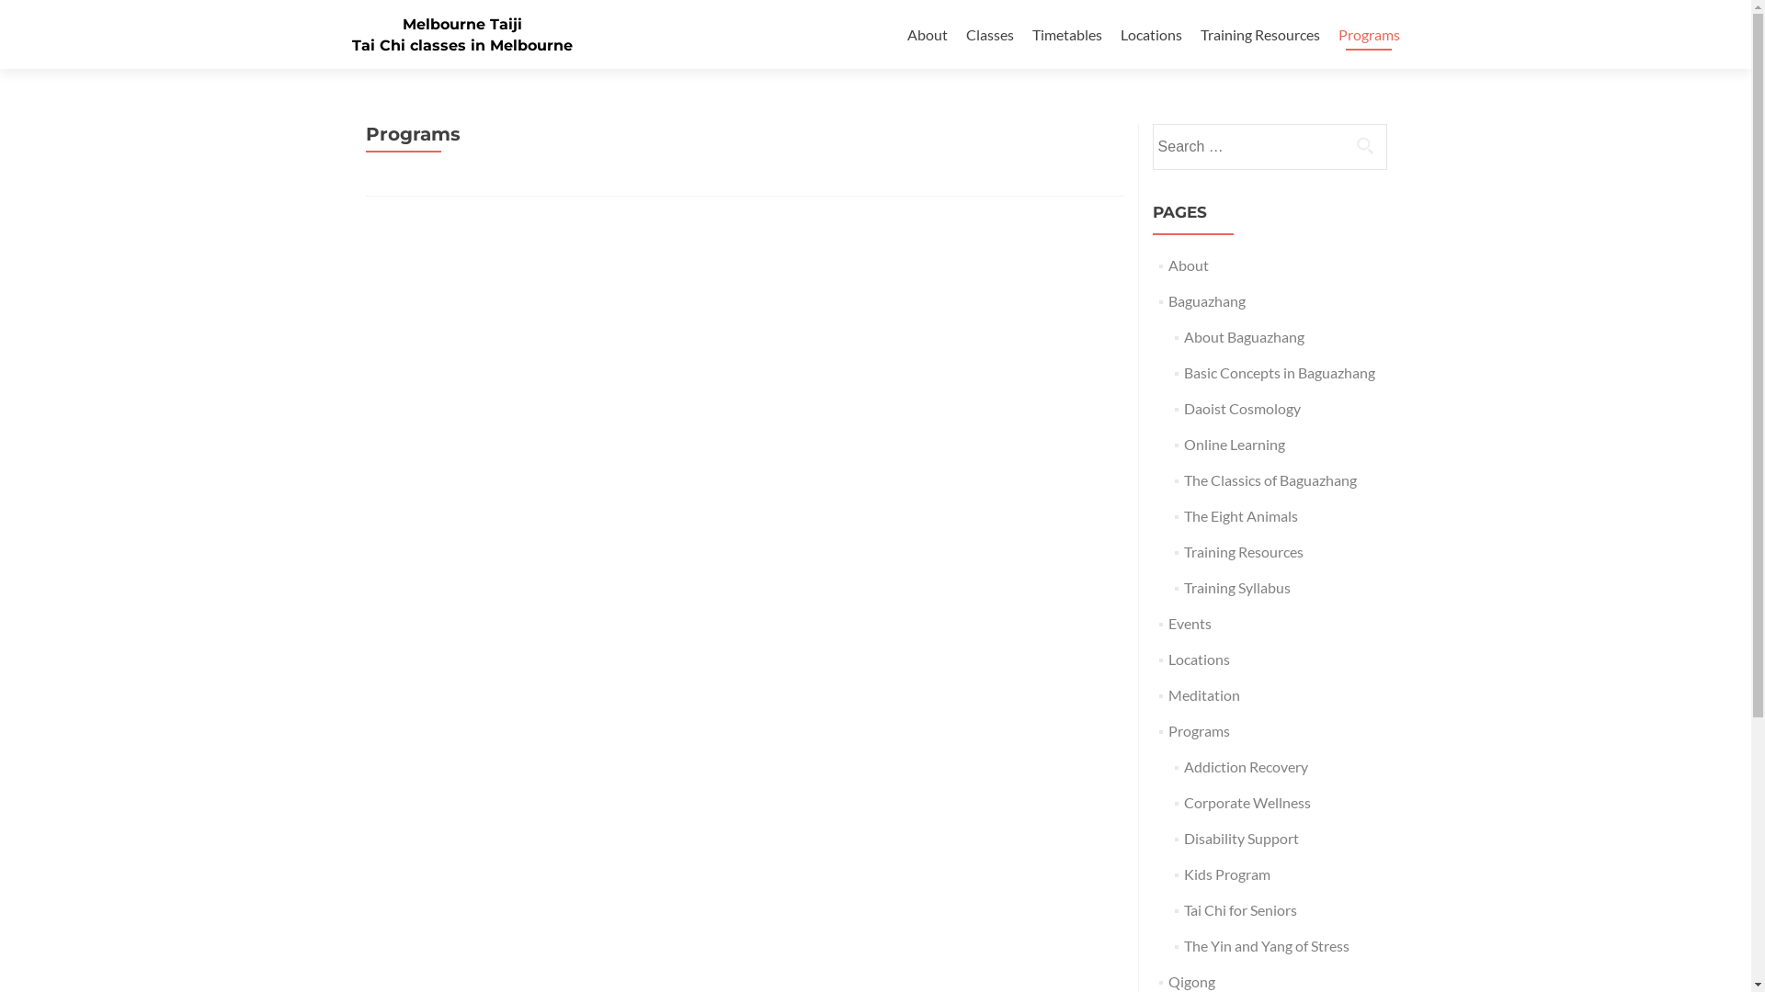 The image size is (1765, 992). What do you see at coordinates (1226, 873) in the screenshot?
I see `'Kids Program'` at bounding box center [1226, 873].